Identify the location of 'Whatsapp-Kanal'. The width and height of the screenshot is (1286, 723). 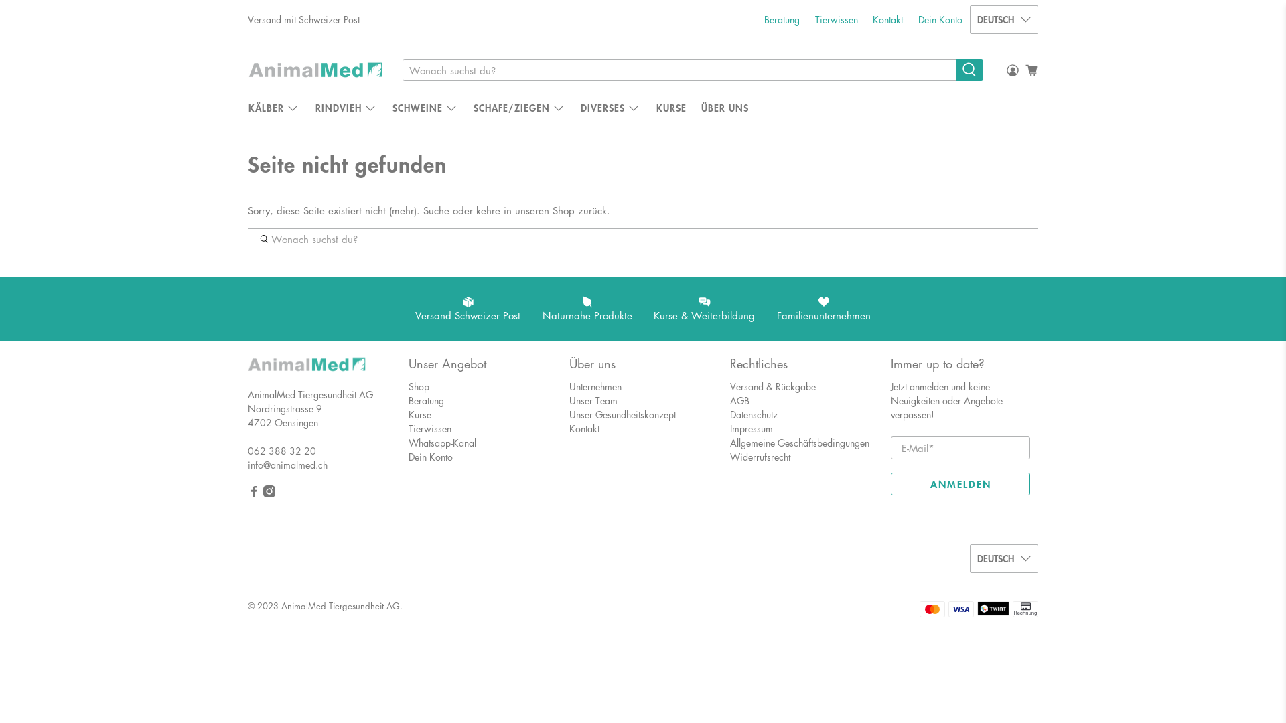
(442, 442).